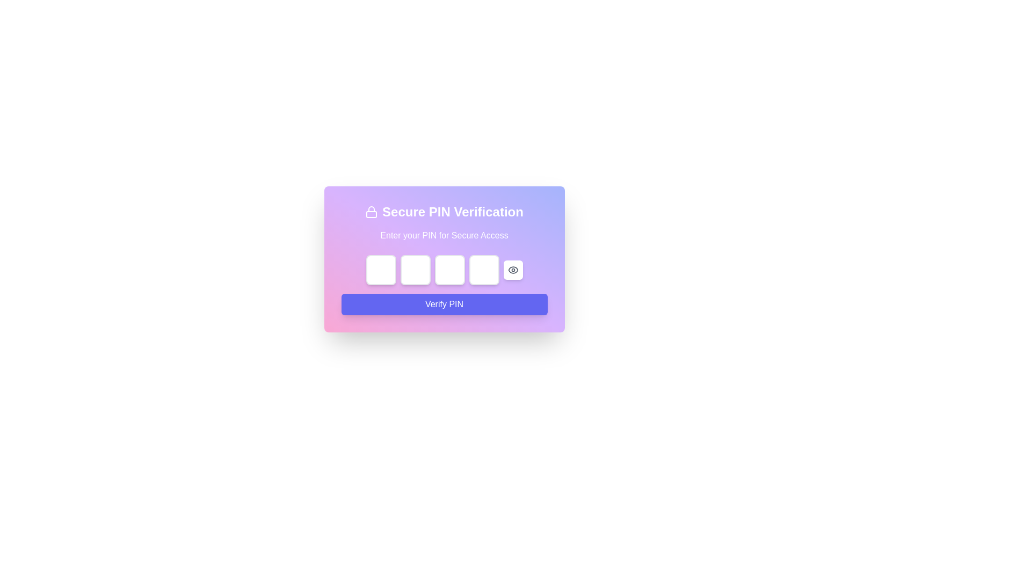  I want to click on the third input box in the sequence of PIN entry boxes to focus and type a digit, so click(449, 269).